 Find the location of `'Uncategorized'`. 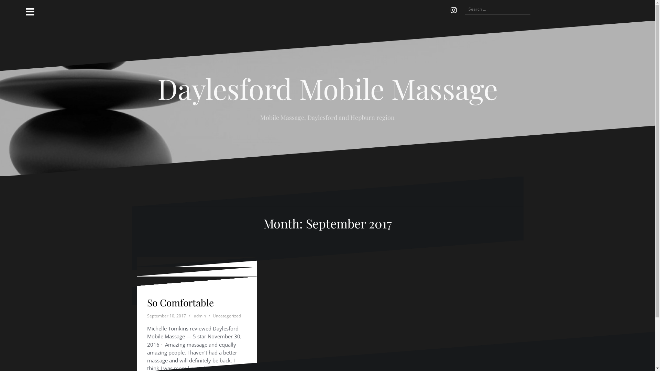

'Uncategorized' is located at coordinates (226, 326).